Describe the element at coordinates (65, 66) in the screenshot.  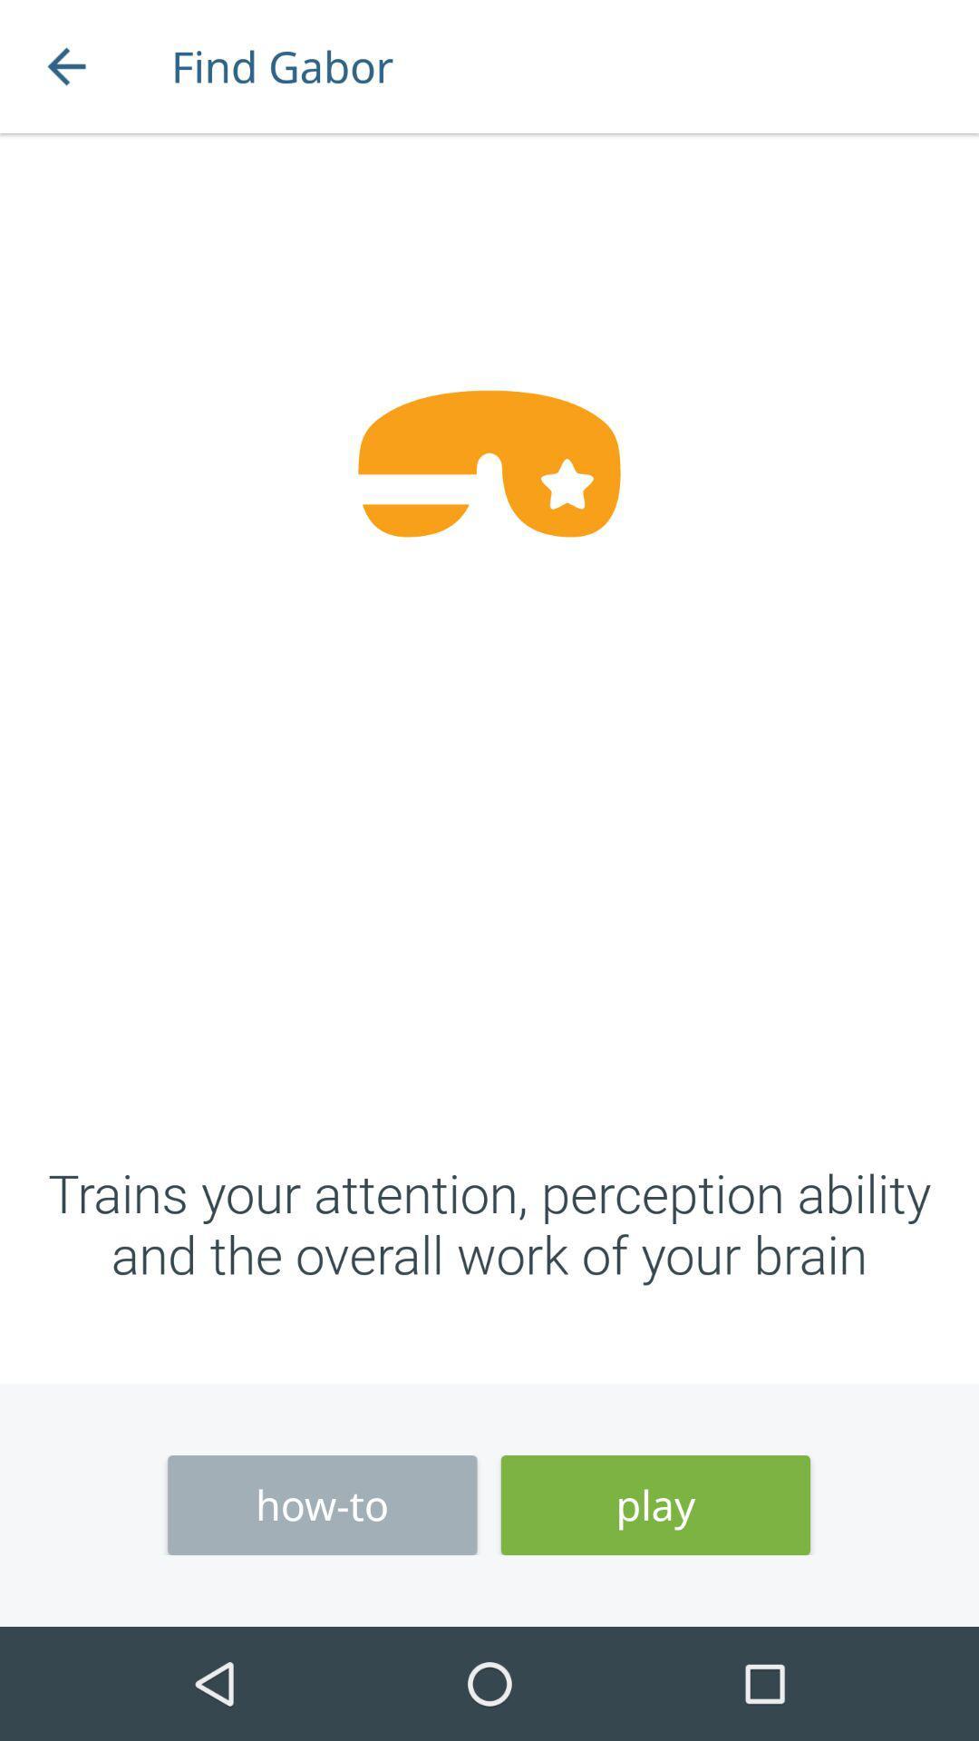
I see `item next to the find gabor` at that location.